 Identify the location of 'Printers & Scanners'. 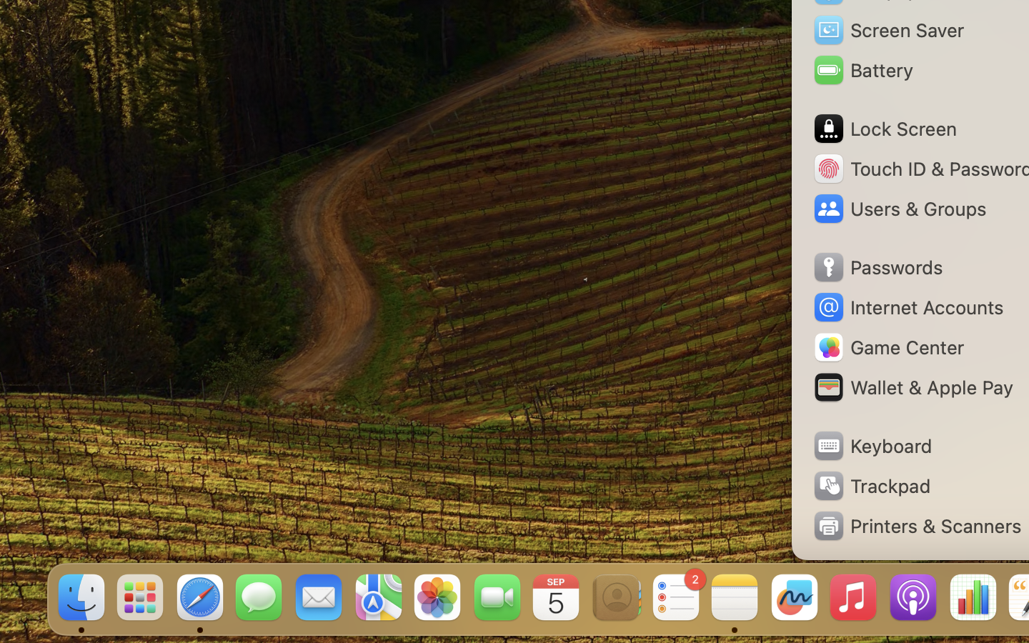
(917, 525).